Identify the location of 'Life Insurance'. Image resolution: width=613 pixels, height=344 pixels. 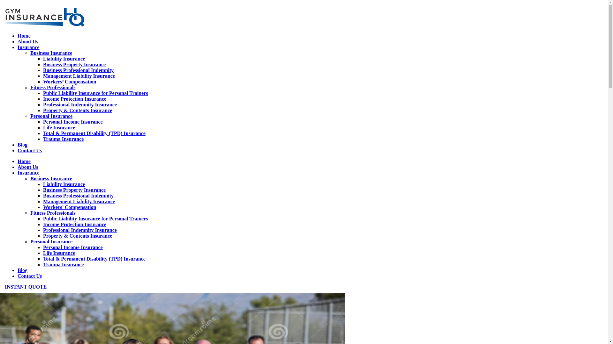
(59, 253).